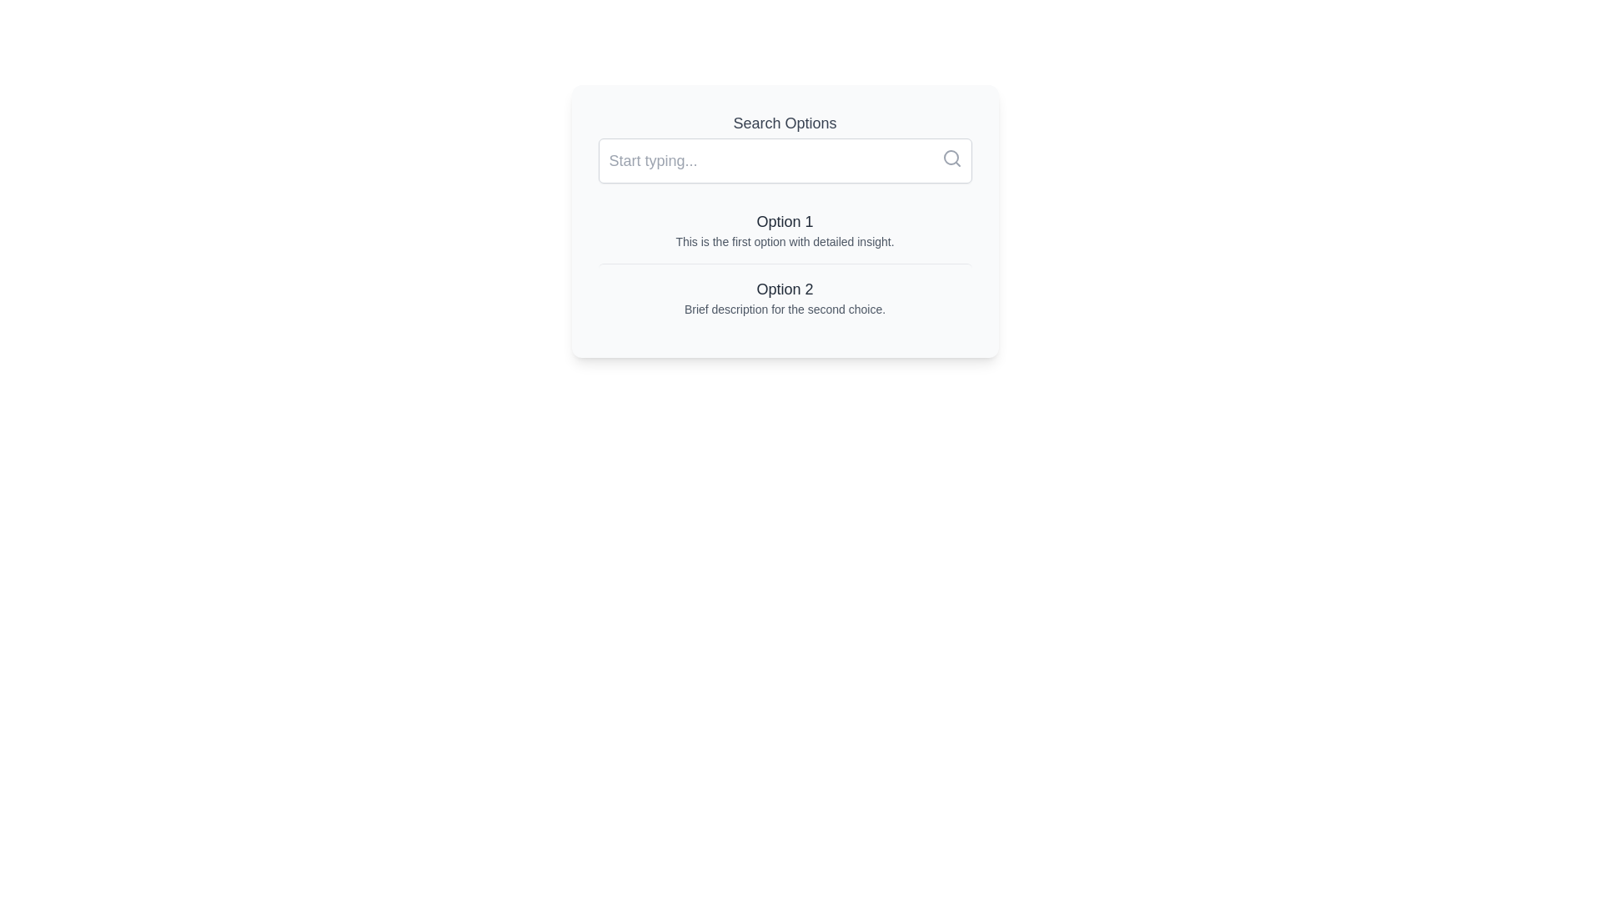  I want to click on text content of the 'Option 1' text label, which is styled with a medium-large font size and gray color, located in the upper part of the options section, so click(784, 221).